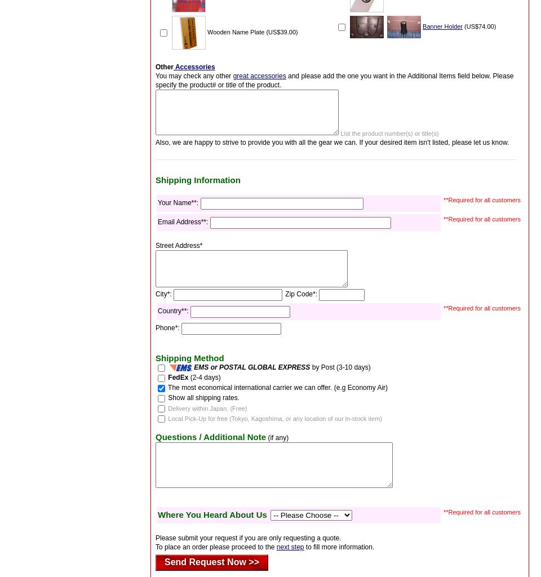 The image size is (541, 577). Describe the element at coordinates (266, 437) in the screenshot. I see `'(if any)'` at that location.